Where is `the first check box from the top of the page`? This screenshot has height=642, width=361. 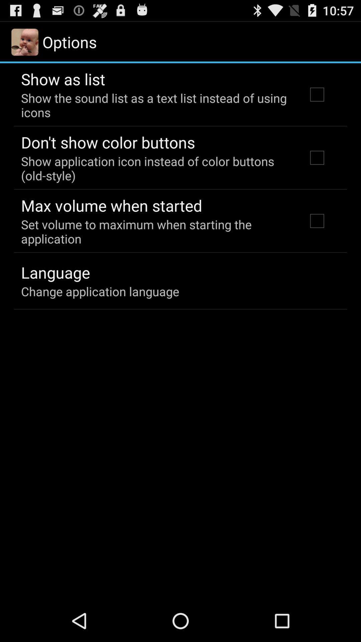
the first check box from the top of the page is located at coordinates (317, 94).